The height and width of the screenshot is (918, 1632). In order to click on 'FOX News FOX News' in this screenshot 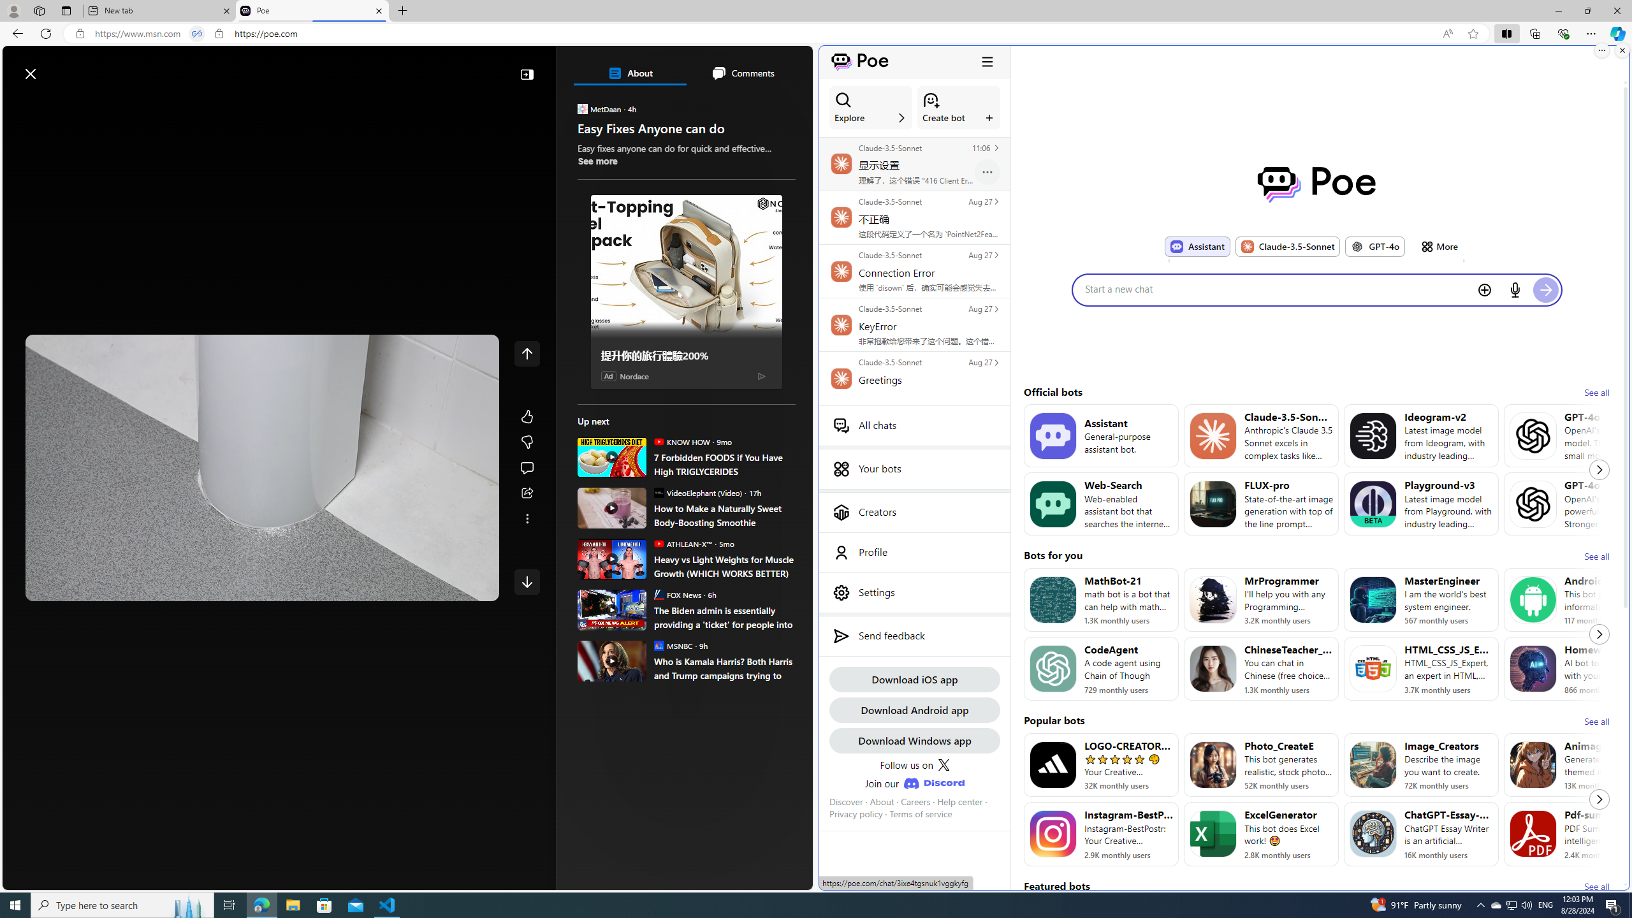, I will do `click(676, 594)`.